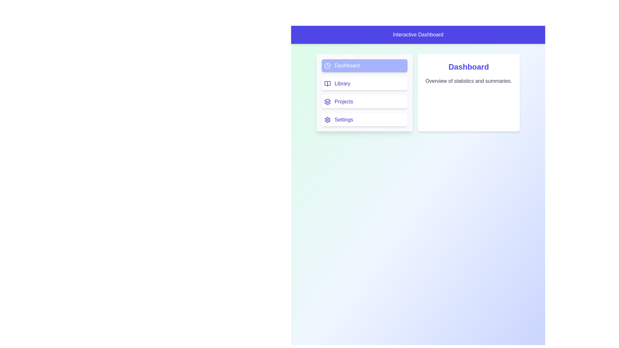 This screenshot has width=619, height=348. What do you see at coordinates (364, 120) in the screenshot?
I see `the navigation option Settings to observe the hover effect` at bounding box center [364, 120].